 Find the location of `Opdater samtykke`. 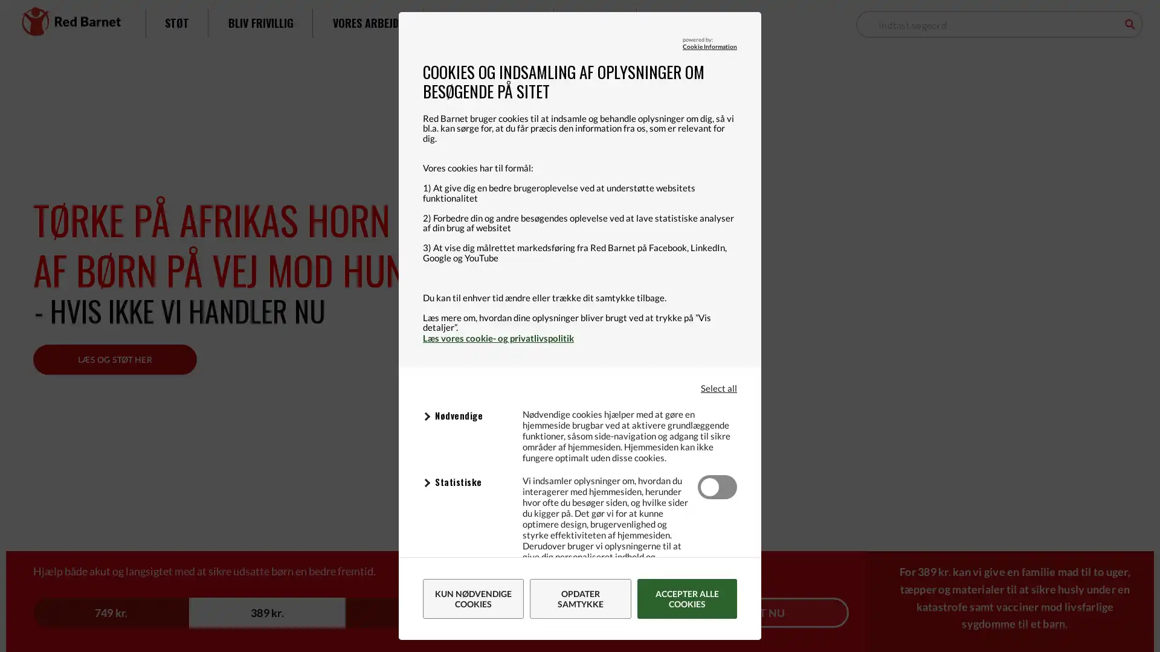

Opdater samtykke is located at coordinates (580, 598).